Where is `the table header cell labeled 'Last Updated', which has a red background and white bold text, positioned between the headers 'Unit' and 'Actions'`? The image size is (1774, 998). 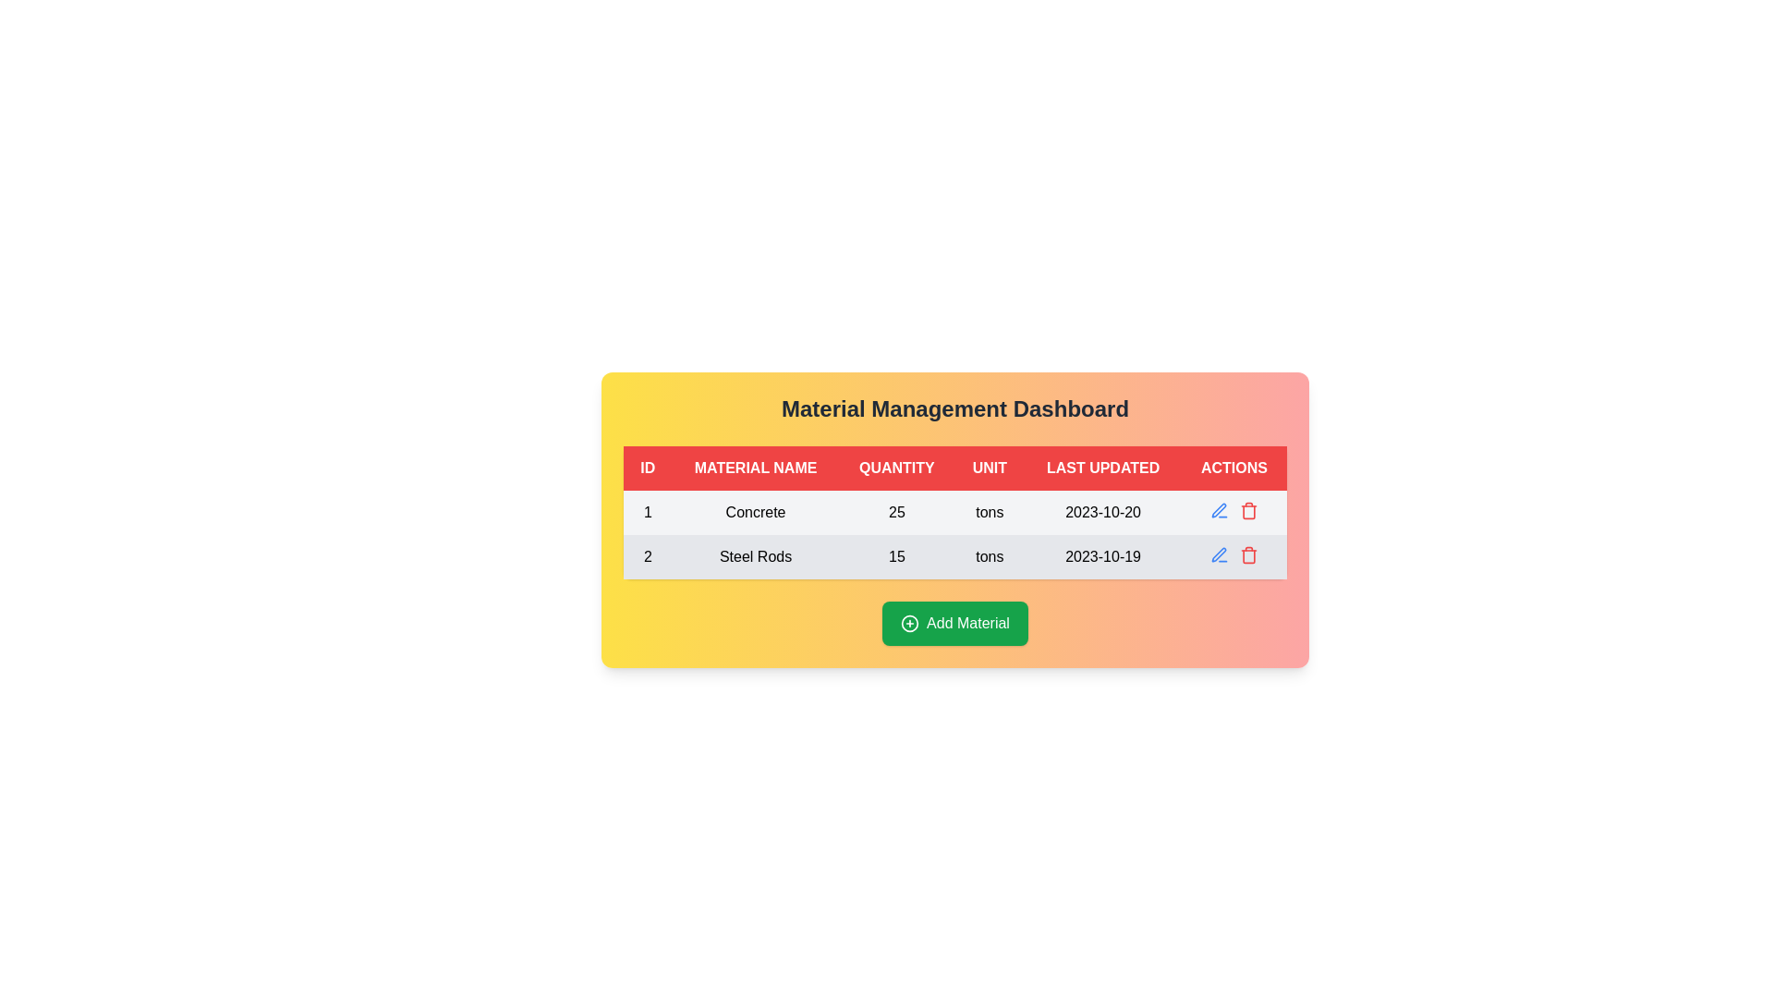 the table header cell labeled 'Last Updated', which has a red background and white bold text, positioned between the headers 'Unit' and 'Actions' is located at coordinates (1103, 467).